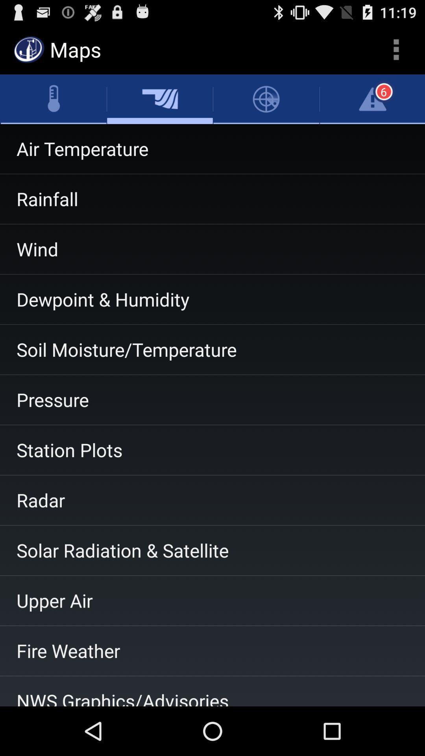  Describe the element at coordinates (213, 650) in the screenshot. I see `the icon below upper air item` at that location.